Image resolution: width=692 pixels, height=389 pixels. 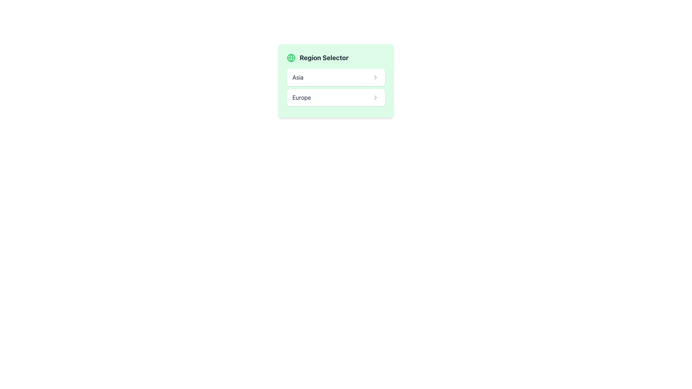 I want to click on the text label reading 'Europe', so click(x=302, y=97).